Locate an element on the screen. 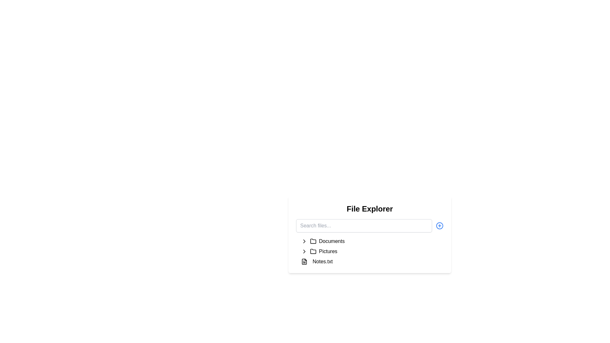  the minimalist outlined file icon is located at coordinates (304, 262).